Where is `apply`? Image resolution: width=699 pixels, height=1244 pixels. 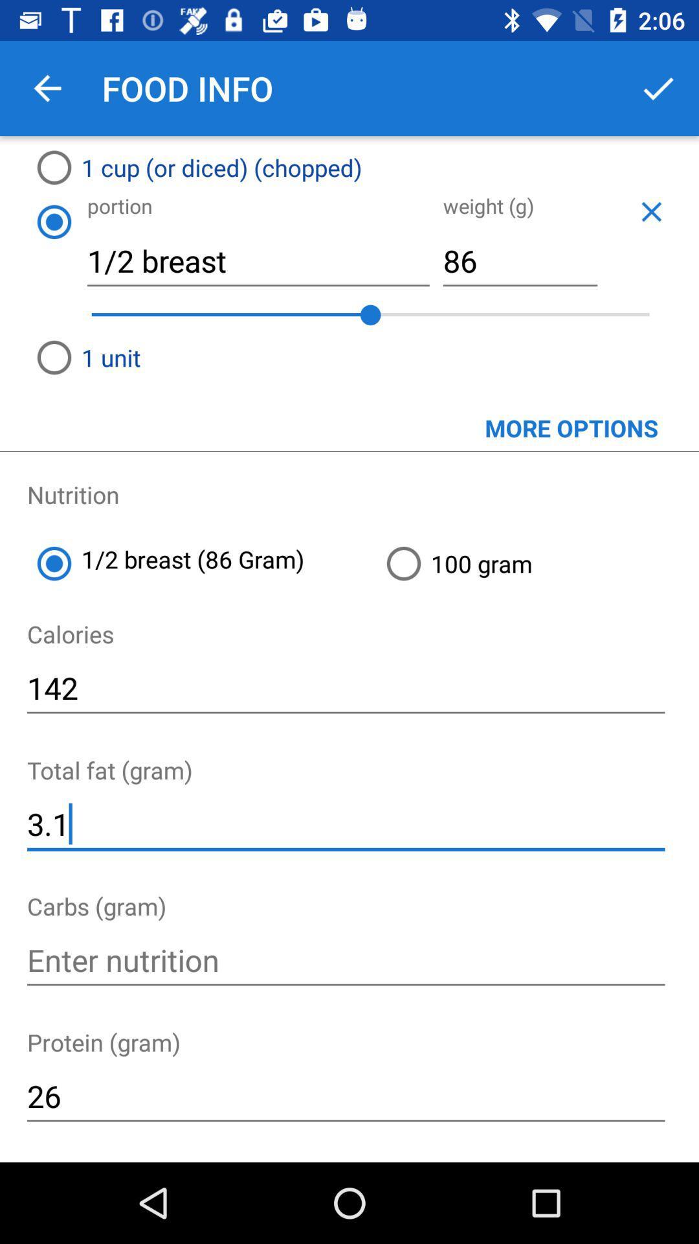
apply is located at coordinates (658, 87).